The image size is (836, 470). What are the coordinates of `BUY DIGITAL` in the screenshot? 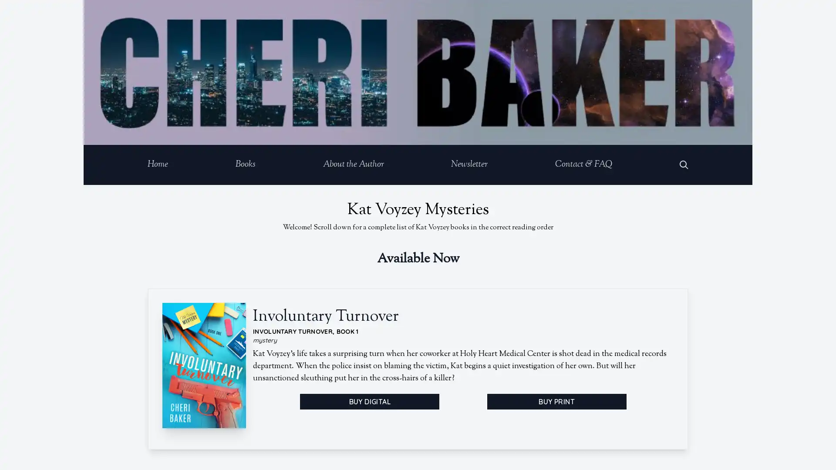 It's located at (370, 401).